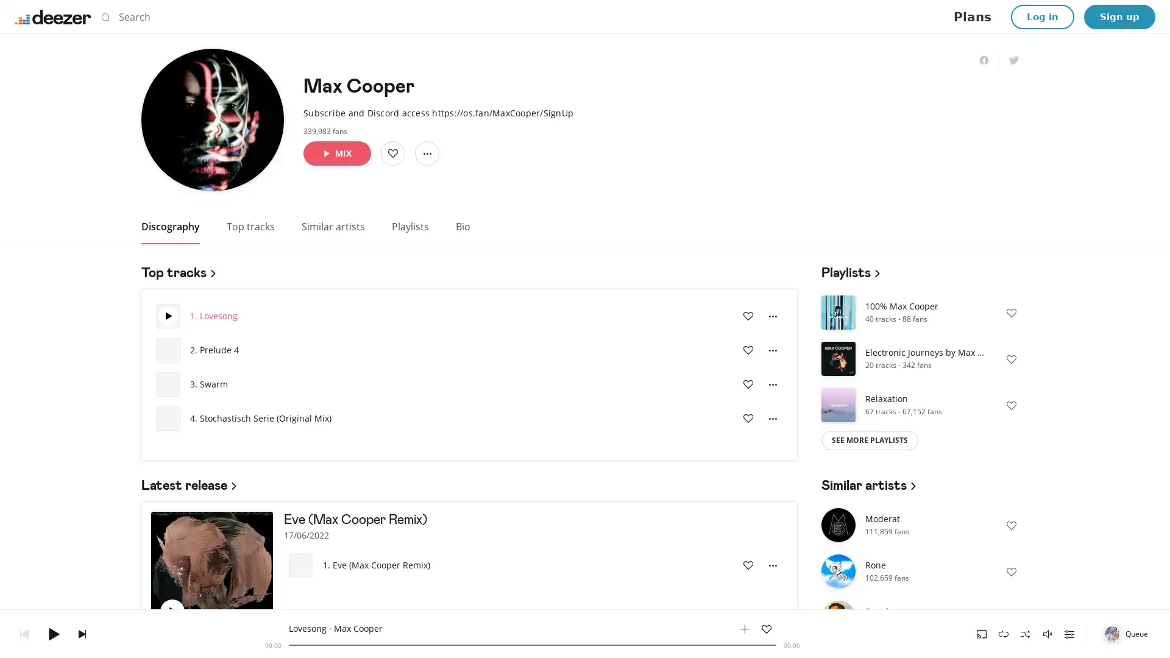  Describe the element at coordinates (838, 356) in the screenshot. I see `Play` at that location.